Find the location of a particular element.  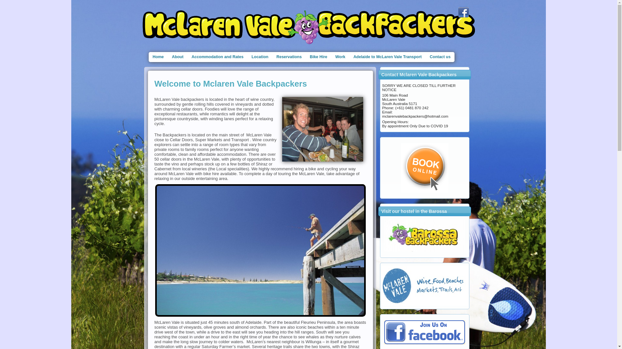

'Accommodation and Rates' is located at coordinates (217, 57).